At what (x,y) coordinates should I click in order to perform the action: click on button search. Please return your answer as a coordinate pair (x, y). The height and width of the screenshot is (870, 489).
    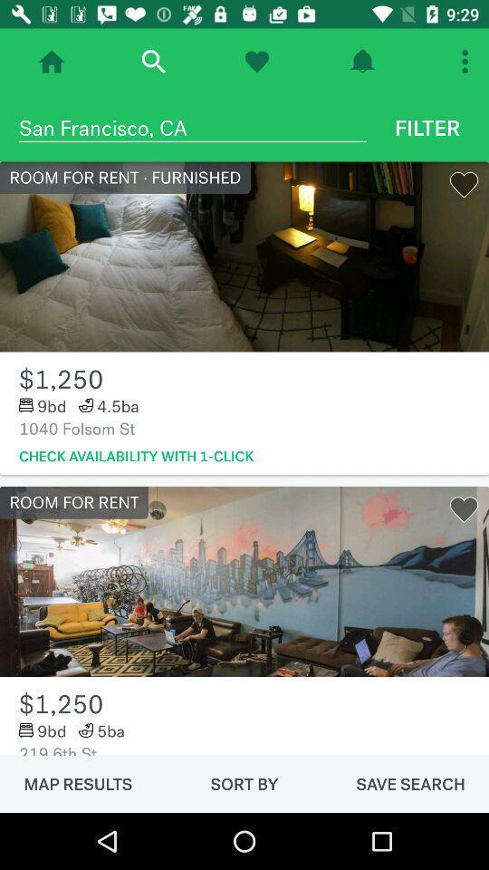
    Looking at the image, I should click on (152, 62).